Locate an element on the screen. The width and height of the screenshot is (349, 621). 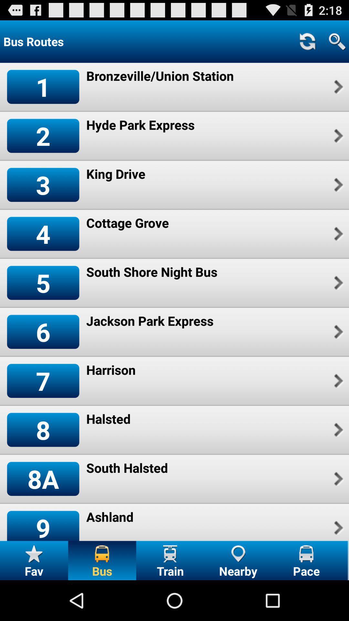
icon to the left of the halsted is located at coordinates (43, 430).